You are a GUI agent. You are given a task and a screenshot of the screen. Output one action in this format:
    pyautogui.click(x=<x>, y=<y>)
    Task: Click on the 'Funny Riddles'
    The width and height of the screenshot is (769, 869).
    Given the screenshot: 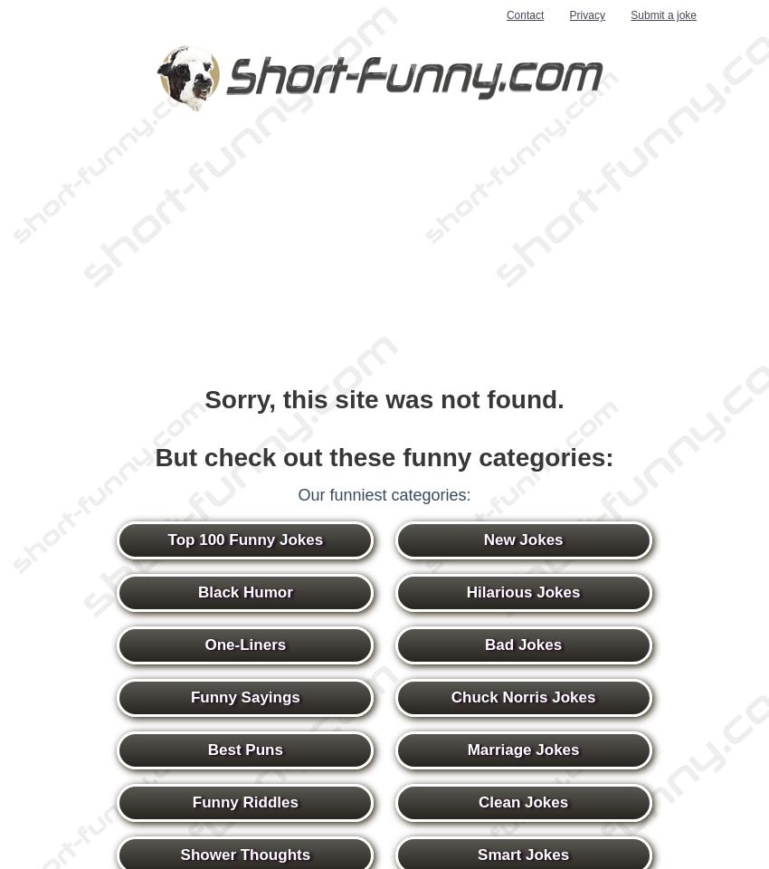 What is the action you would take?
    pyautogui.click(x=243, y=801)
    